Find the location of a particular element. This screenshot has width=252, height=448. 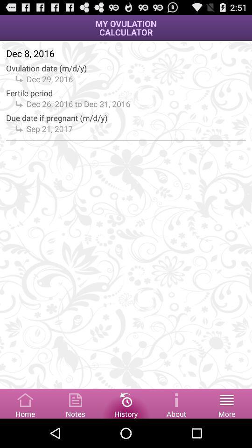

show more options is located at coordinates (226, 403).